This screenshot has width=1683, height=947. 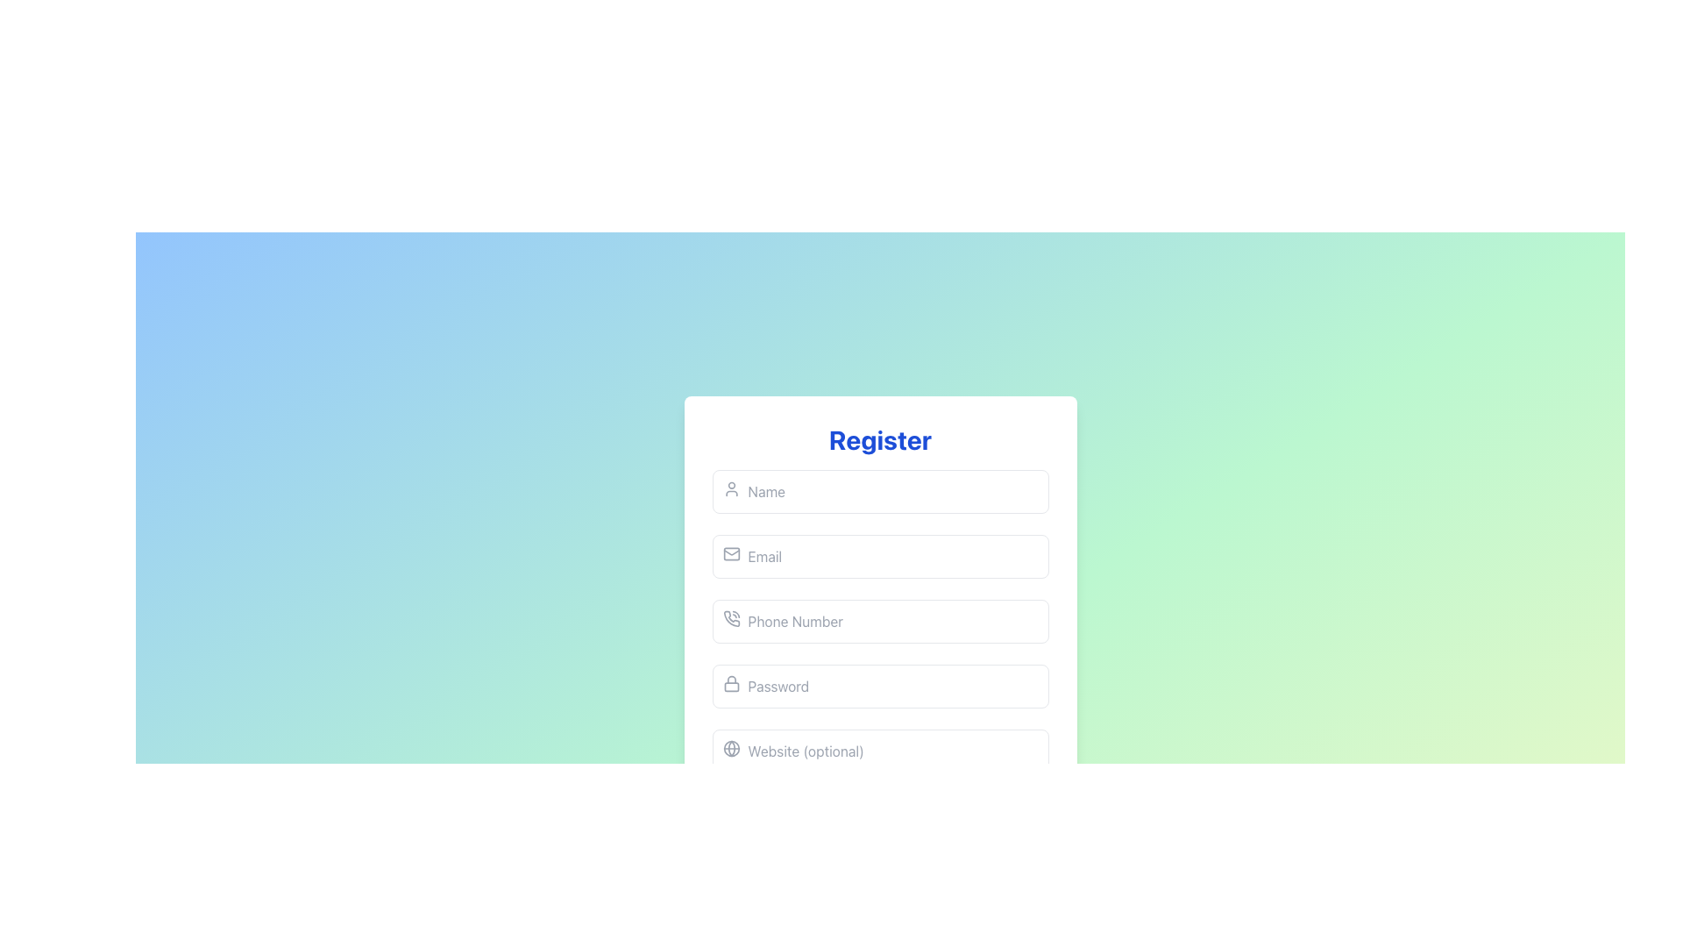 I want to click on the password input field located centrally within the form to focus on it, so click(x=880, y=686).